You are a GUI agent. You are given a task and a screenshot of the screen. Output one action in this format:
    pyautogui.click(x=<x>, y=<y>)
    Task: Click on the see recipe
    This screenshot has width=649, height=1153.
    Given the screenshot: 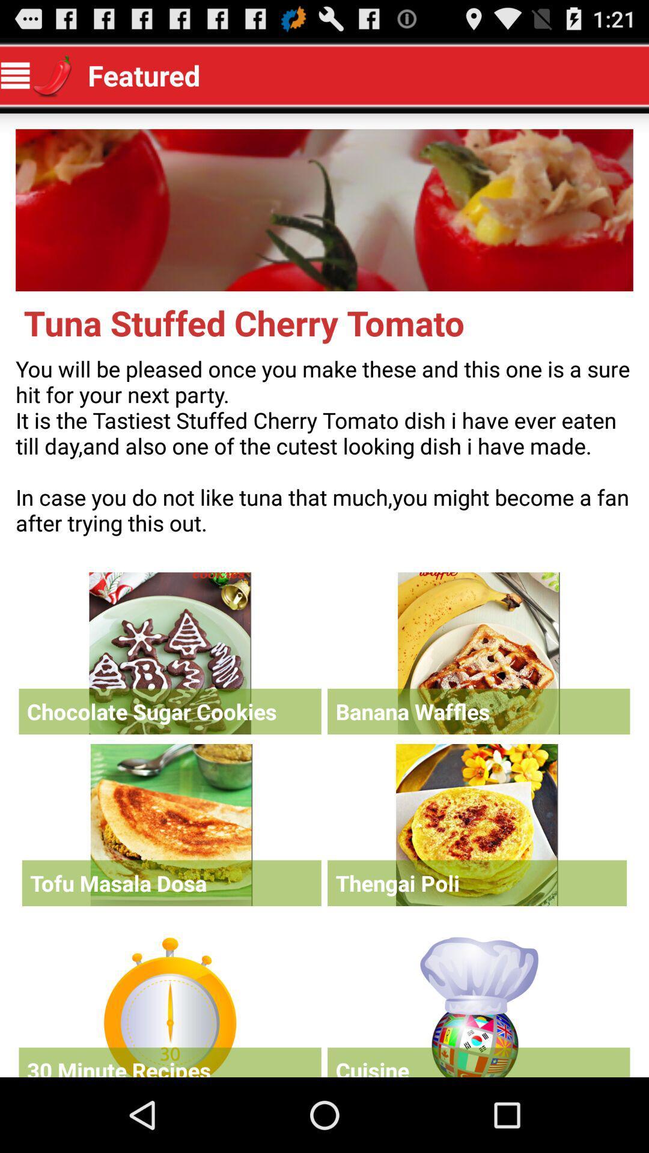 What is the action you would take?
    pyautogui.click(x=477, y=824)
    